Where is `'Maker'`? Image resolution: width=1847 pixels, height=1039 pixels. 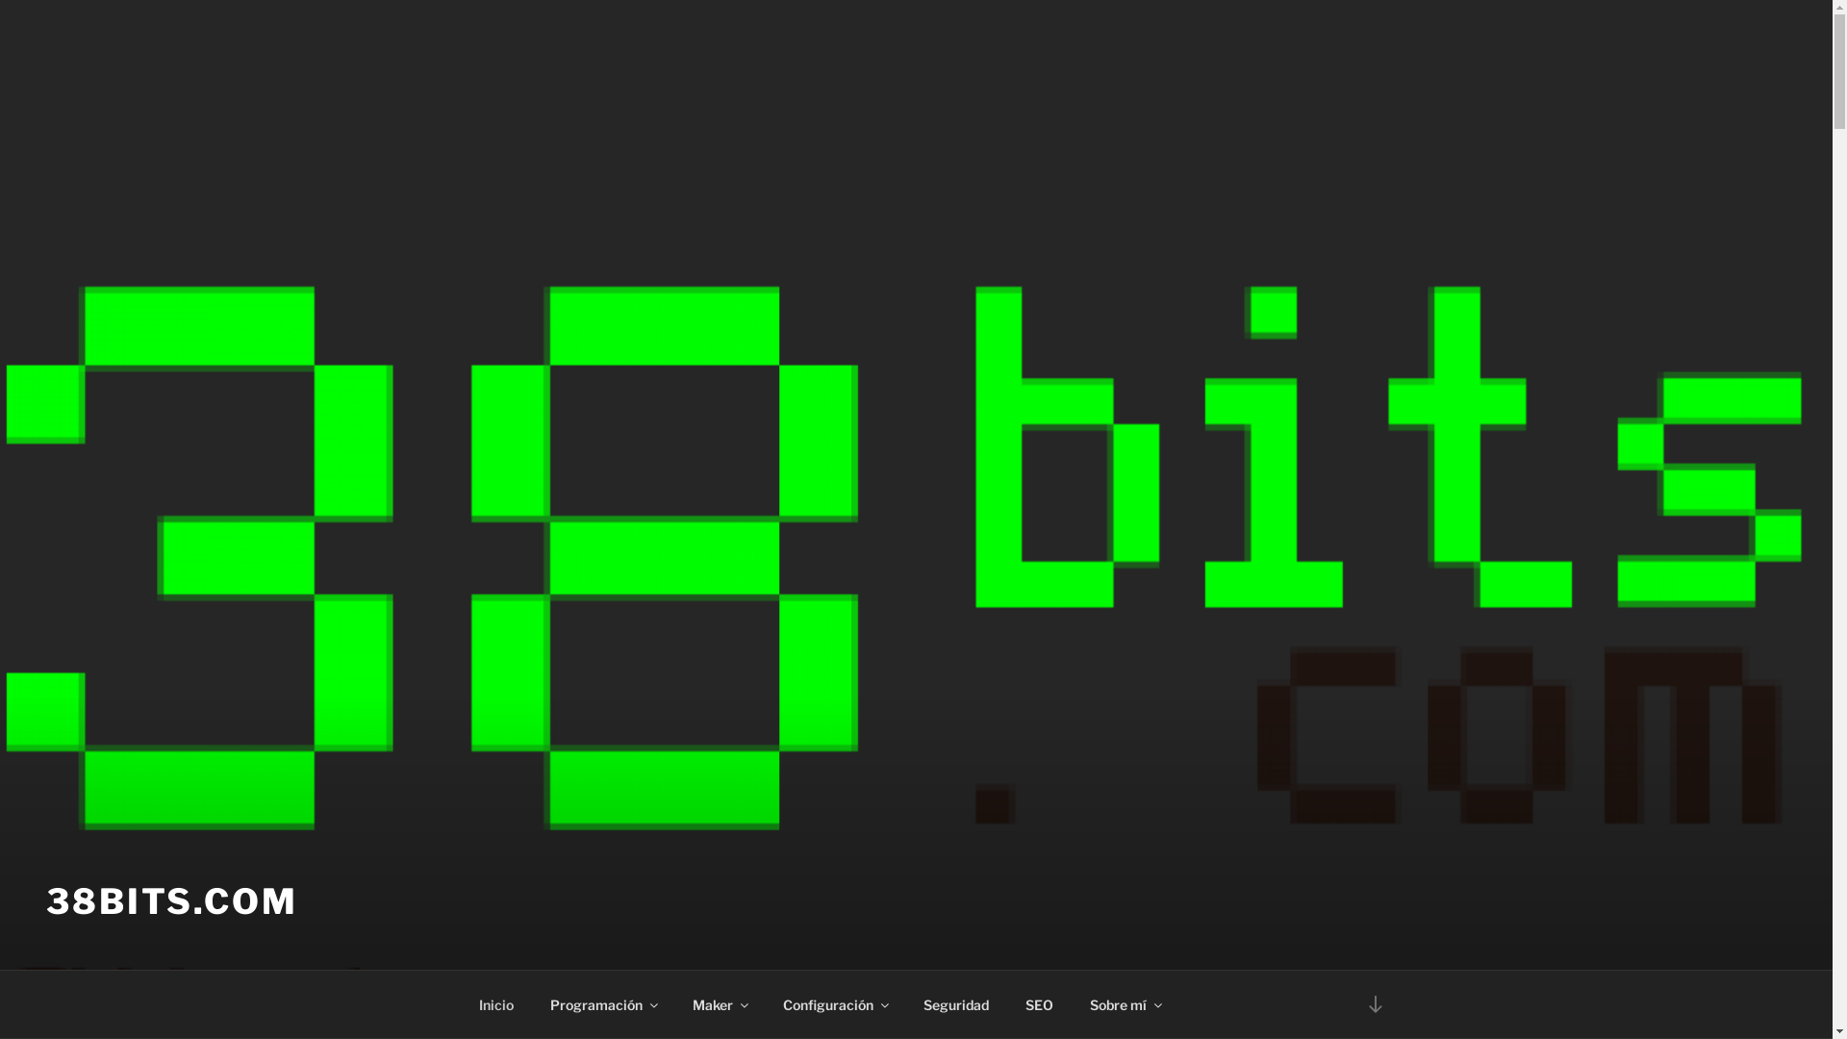
'Maker' is located at coordinates (718, 1003).